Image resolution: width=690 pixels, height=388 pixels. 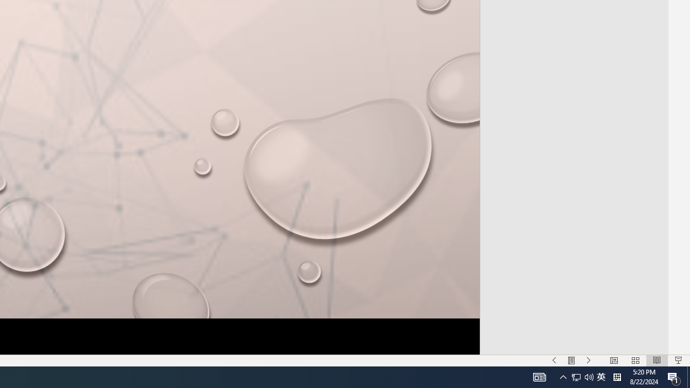 What do you see at coordinates (674, 376) in the screenshot?
I see `'Action Center, 1 new notification'` at bounding box center [674, 376].